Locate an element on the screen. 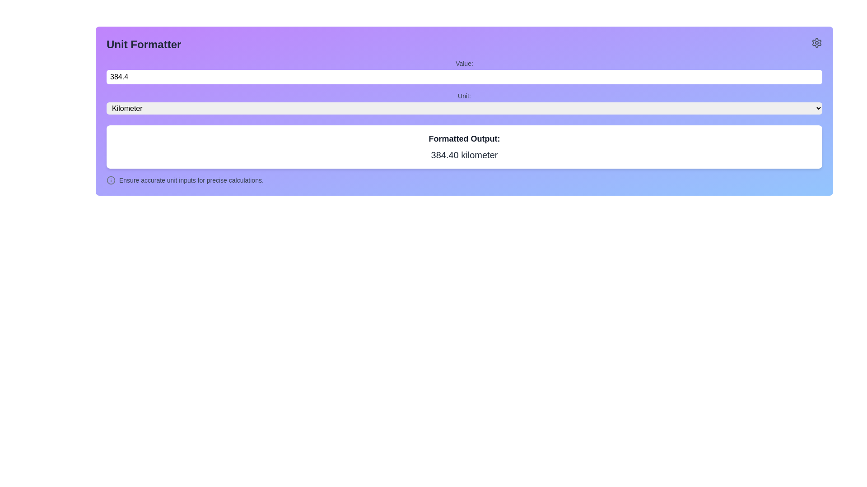  an option from the dropdown menu used for choosing a unit of measurement, located centrally below the 'Unit:' label is located at coordinates (464, 102).